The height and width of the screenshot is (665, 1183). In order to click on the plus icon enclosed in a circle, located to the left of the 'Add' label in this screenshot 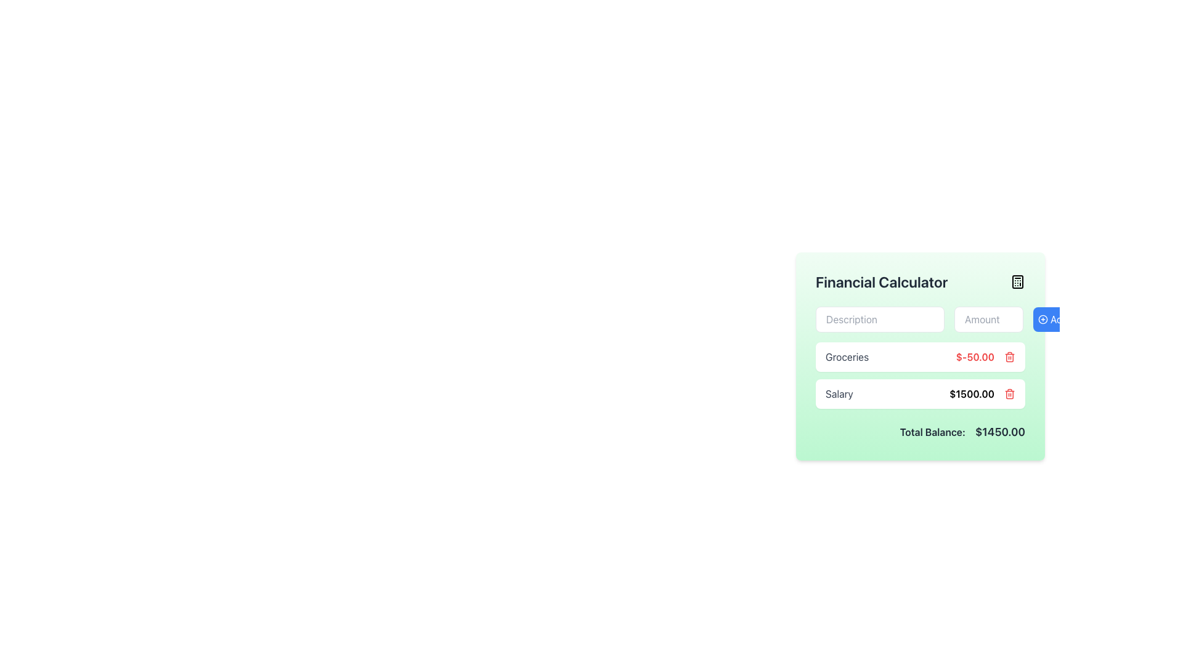, I will do `click(1043, 319)`.